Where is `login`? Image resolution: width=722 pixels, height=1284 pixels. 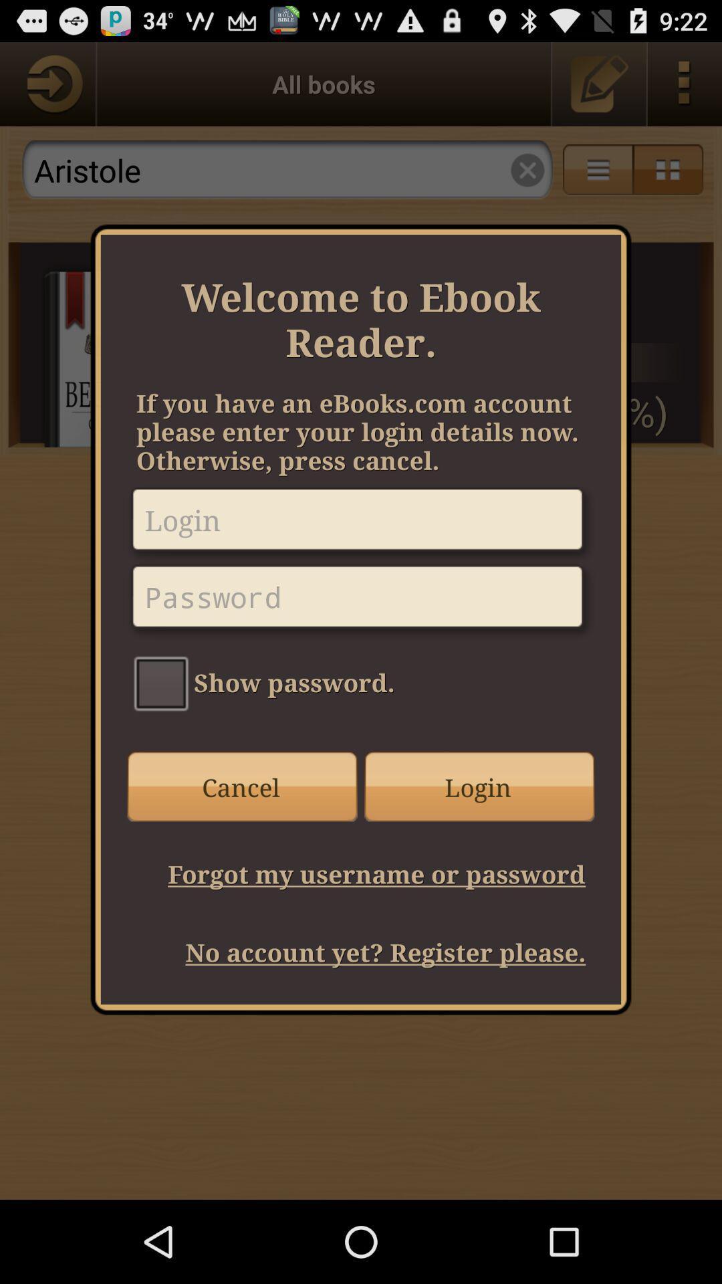 login is located at coordinates (361, 524).